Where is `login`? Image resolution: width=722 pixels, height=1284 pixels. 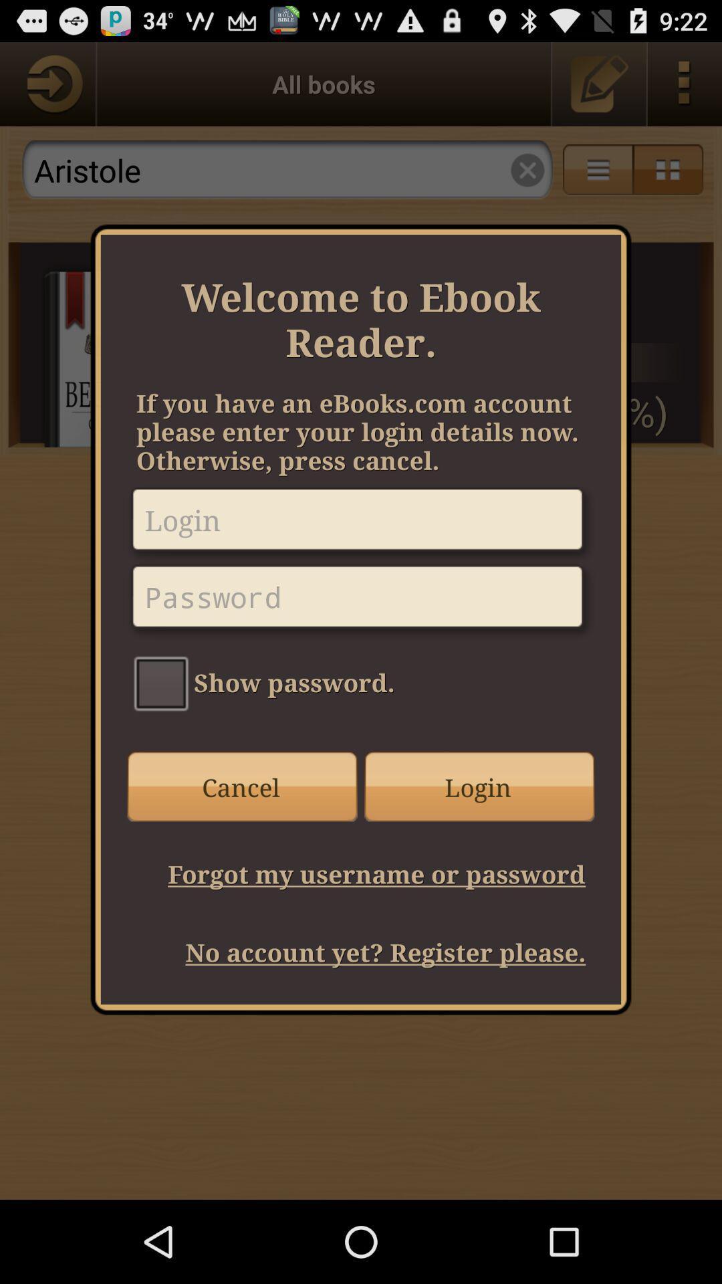 login is located at coordinates (361, 524).